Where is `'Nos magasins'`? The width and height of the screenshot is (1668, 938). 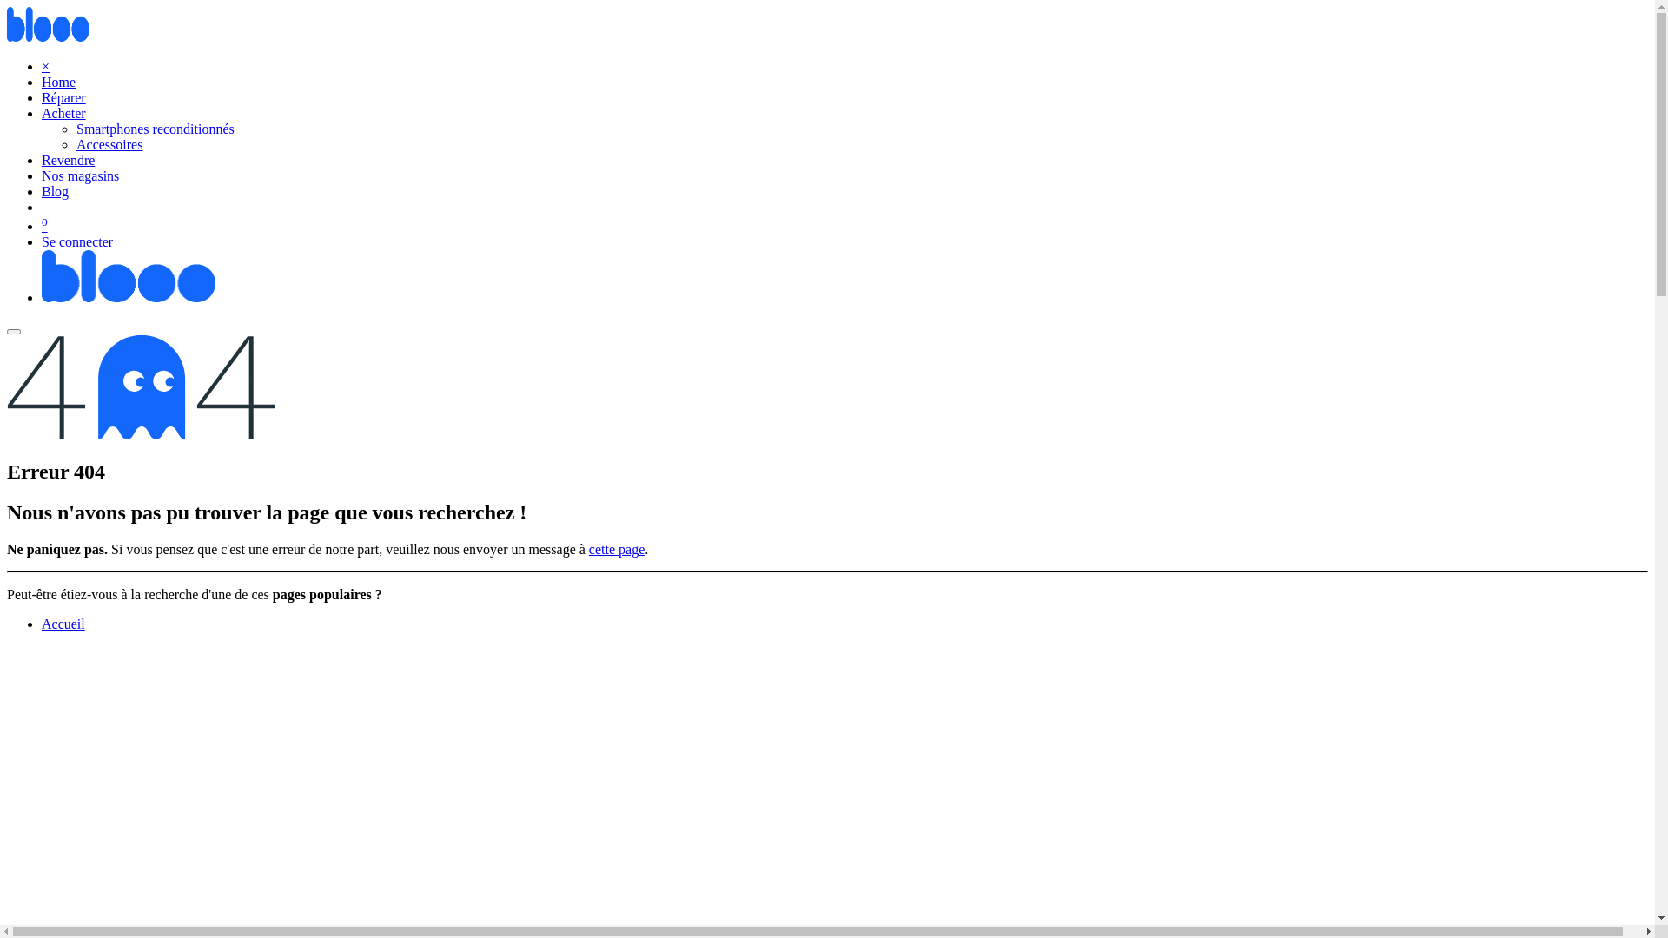 'Nos magasins' is located at coordinates (79, 175).